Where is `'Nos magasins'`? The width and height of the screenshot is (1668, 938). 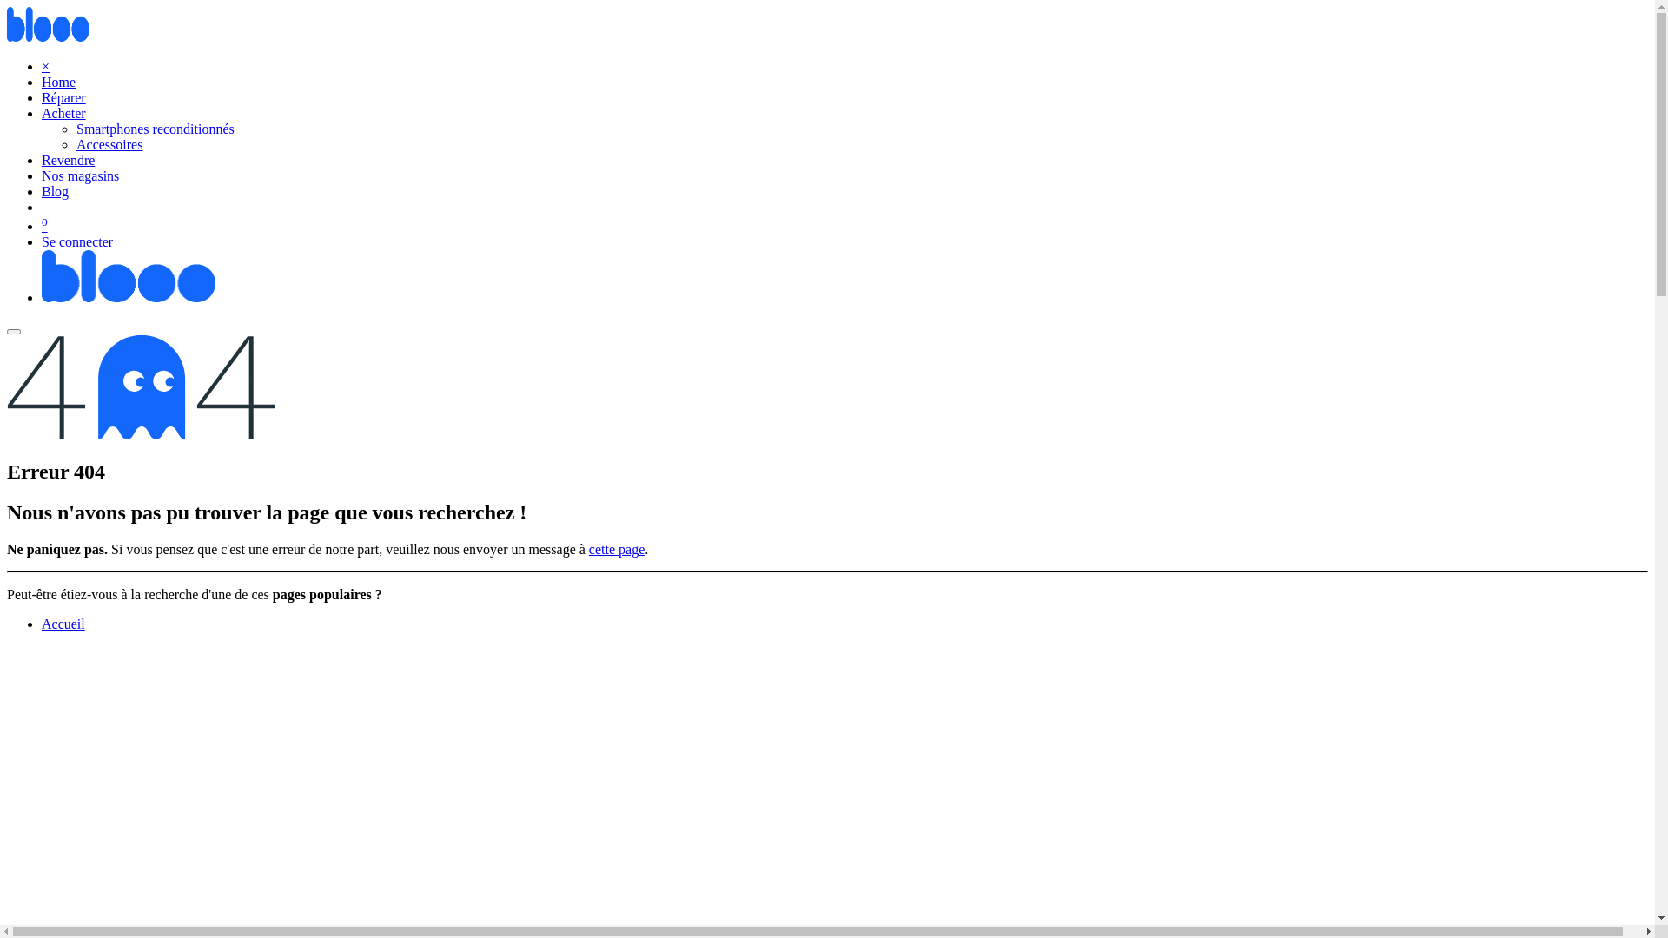 'Nos magasins' is located at coordinates (79, 175).